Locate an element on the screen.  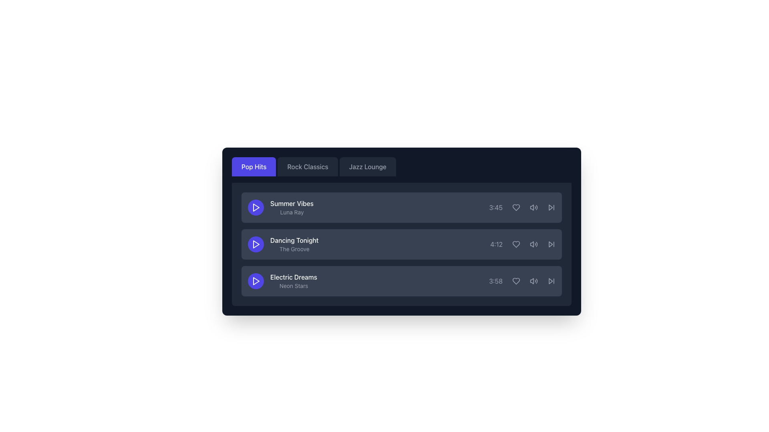
the play button located on the left side of the third list item for the media track 'Electric Dreams' by 'Neon Stars' is located at coordinates (255, 280).